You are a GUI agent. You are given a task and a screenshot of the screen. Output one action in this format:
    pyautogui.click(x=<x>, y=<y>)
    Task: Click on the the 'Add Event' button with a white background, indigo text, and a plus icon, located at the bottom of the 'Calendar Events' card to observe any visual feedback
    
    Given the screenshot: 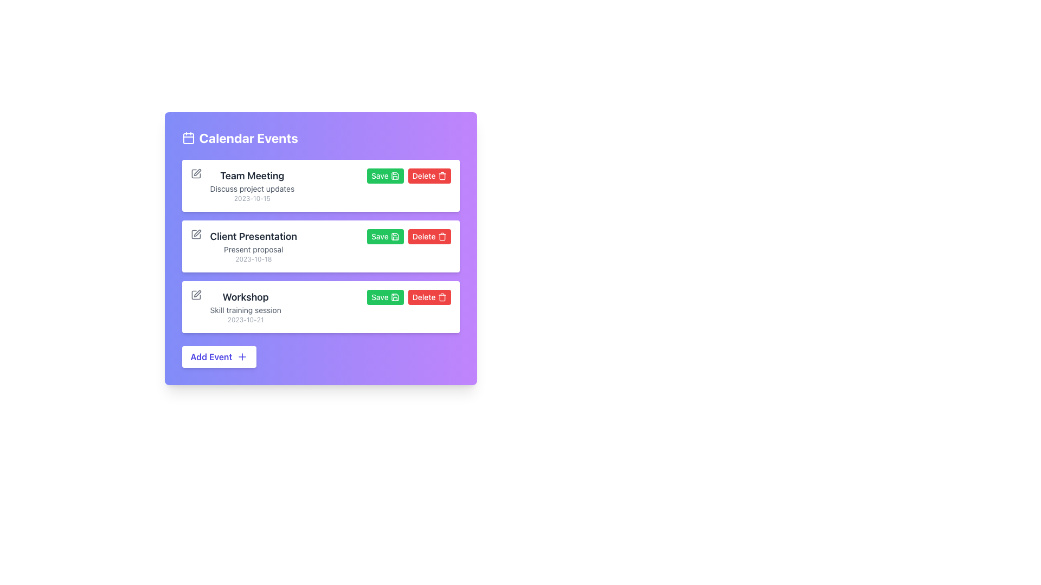 What is the action you would take?
    pyautogui.click(x=218, y=357)
    